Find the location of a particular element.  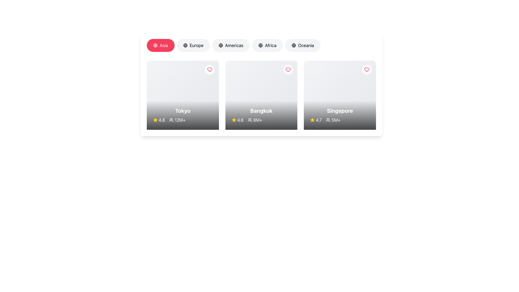

to select or activate the 'Europe' category label, which is the second label in a horizontal list of category labels, styled in a clean sans-serif font and rendered in black on a light background is located at coordinates (196, 45).